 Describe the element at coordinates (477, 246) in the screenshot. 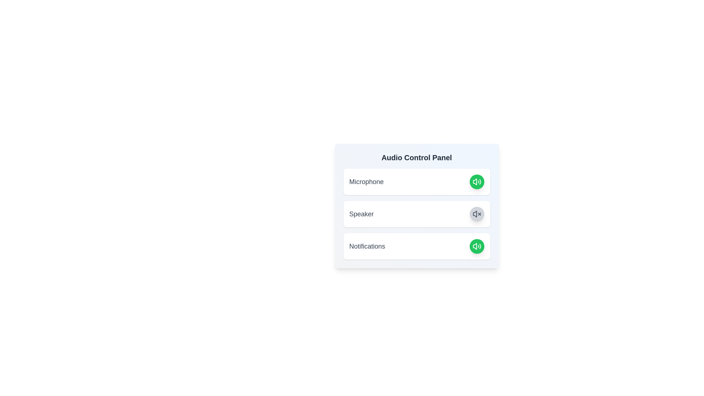

I see `the microphone icon located at the far-right side of the row labeled 'Microphone' in the 'Audio Control Panel'` at that location.